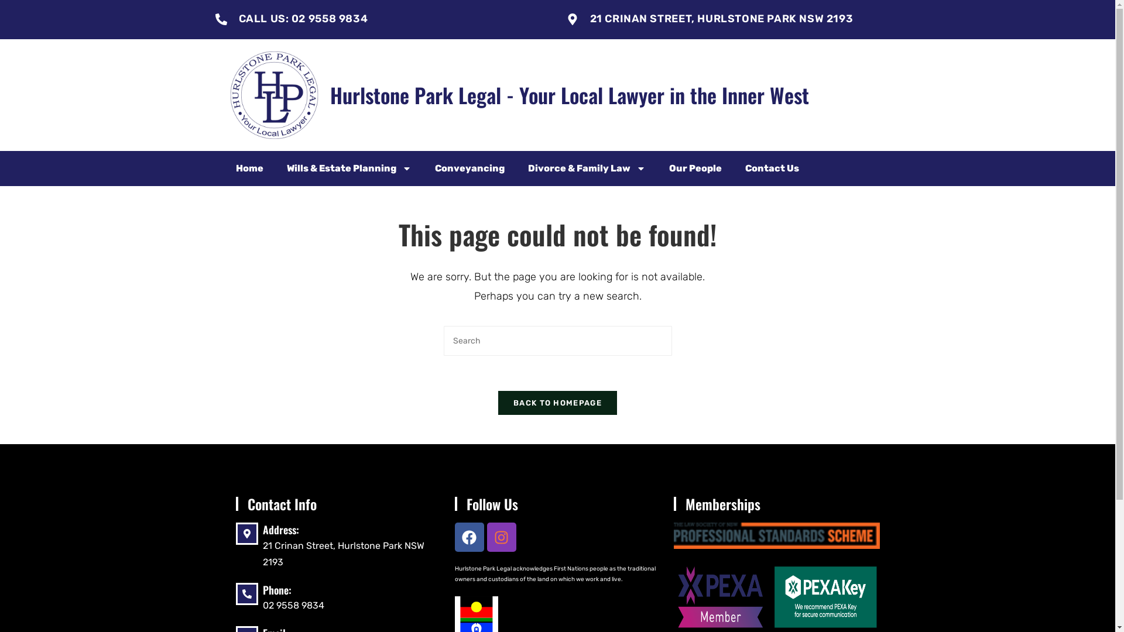 This screenshot has width=1124, height=632. What do you see at coordinates (293, 605) in the screenshot?
I see `'02 9558 9834'` at bounding box center [293, 605].